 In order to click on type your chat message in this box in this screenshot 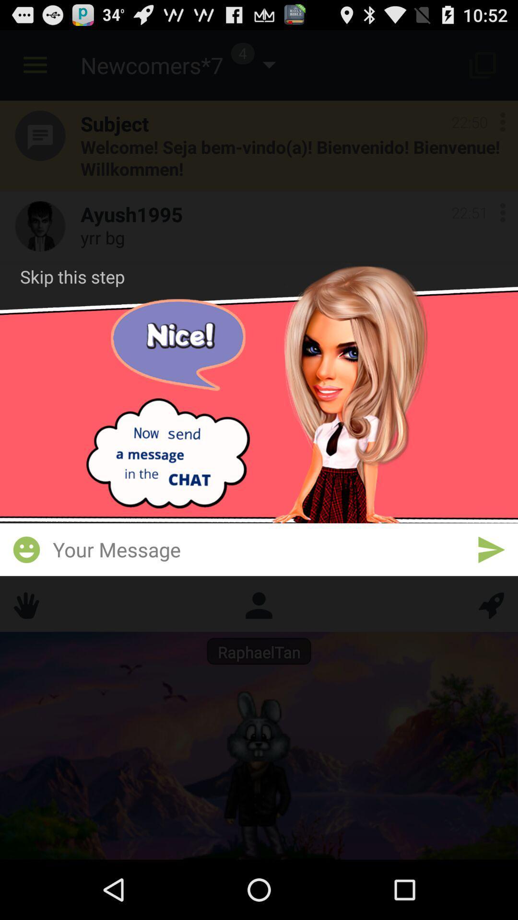, I will do `click(259, 549)`.